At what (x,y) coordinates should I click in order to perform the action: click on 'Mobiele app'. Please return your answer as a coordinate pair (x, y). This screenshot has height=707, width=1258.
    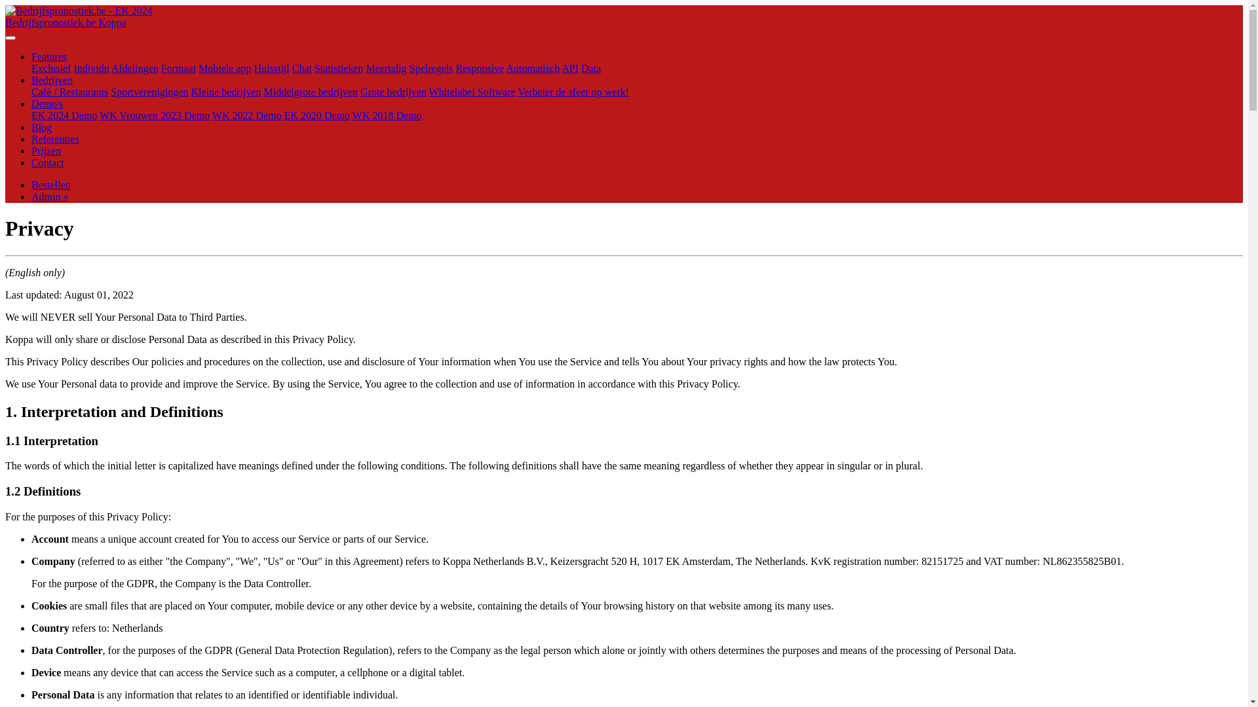
    Looking at the image, I should click on (224, 68).